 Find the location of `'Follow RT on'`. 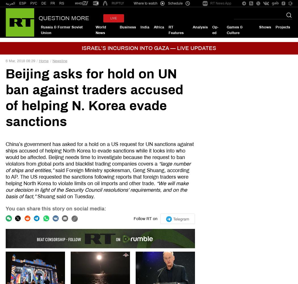

'Follow RT on' is located at coordinates (145, 218).